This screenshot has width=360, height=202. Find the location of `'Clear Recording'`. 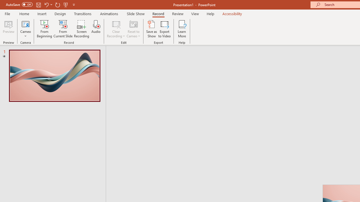

'Clear Recording' is located at coordinates (116, 29).